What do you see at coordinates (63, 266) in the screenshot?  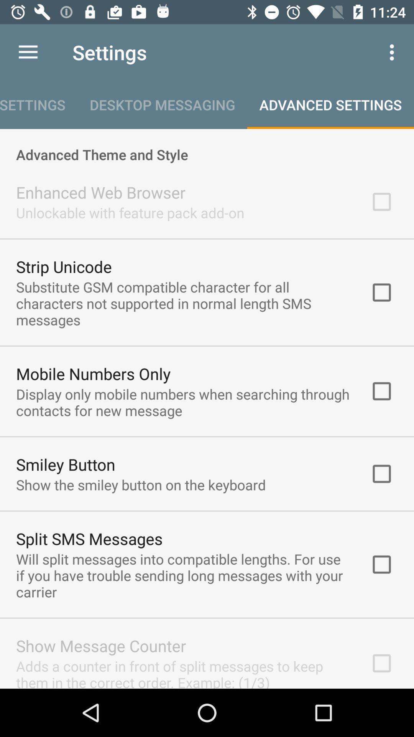 I see `strip unicode` at bounding box center [63, 266].